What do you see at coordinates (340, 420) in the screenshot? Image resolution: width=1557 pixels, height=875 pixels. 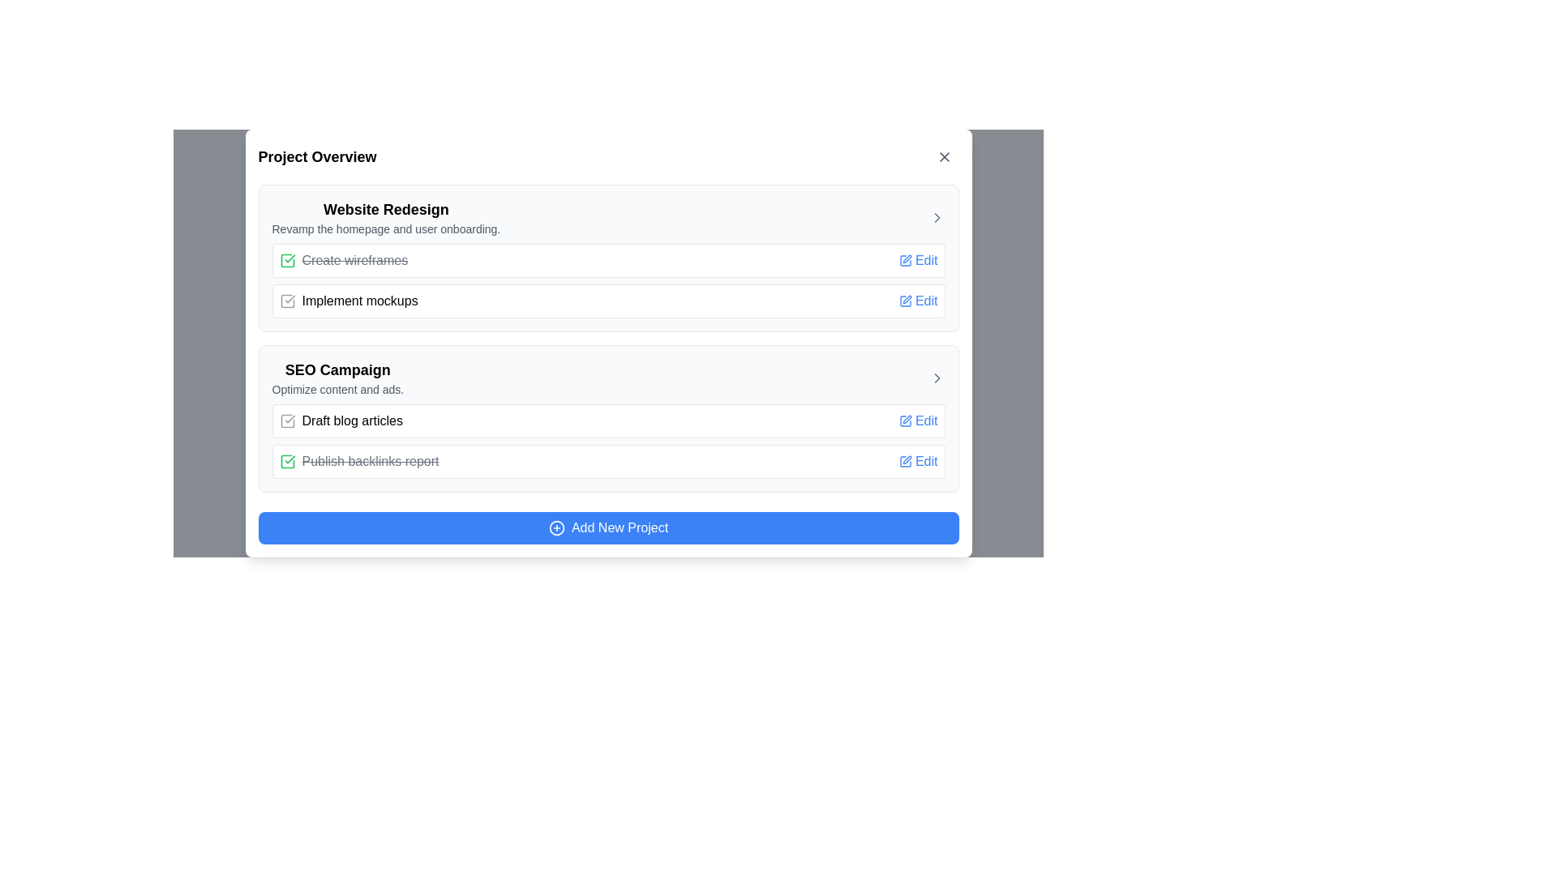 I see `the text label displaying the task 'Draft blog articles' in the 'SEO Campaign' section` at bounding box center [340, 420].